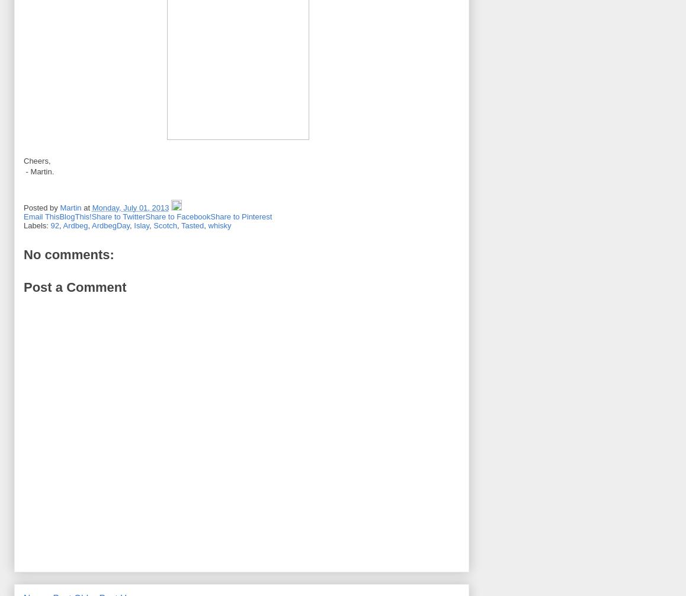 This screenshot has height=596, width=686. I want to click on 'Cheers,', so click(38, 160).